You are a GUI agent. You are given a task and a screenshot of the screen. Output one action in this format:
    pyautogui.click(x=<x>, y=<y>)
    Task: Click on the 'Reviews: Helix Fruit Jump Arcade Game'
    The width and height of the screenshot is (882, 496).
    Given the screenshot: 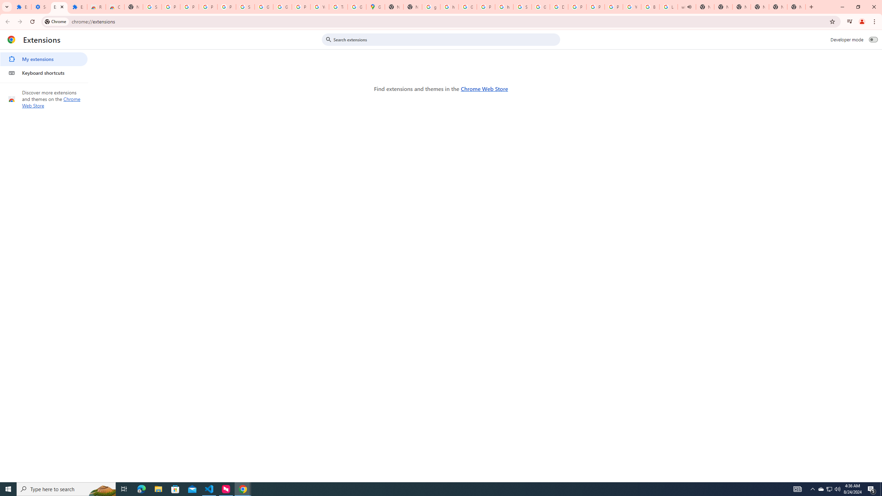 What is the action you would take?
    pyautogui.click(x=96, y=7)
    